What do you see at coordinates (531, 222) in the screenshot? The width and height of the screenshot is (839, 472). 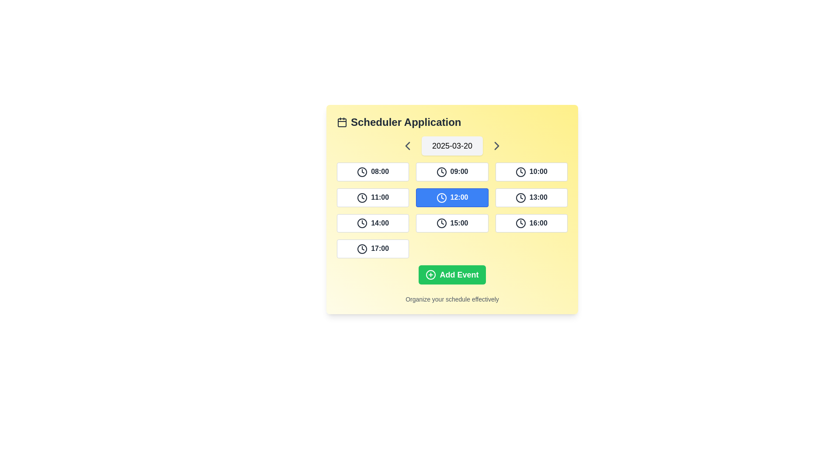 I see `the button representing the selectable time slot for 16:00 (4:00 PM) to trigger the context menu` at bounding box center [531, 222].